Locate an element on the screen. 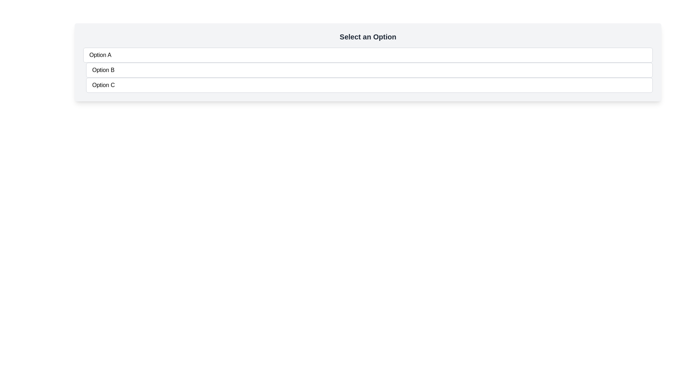 The image size is (689, 387). the selectable option (radio-list item) labeled 'Option B', which is a rectangular button with a white background and gray borders is located at coordinates (369, 70).